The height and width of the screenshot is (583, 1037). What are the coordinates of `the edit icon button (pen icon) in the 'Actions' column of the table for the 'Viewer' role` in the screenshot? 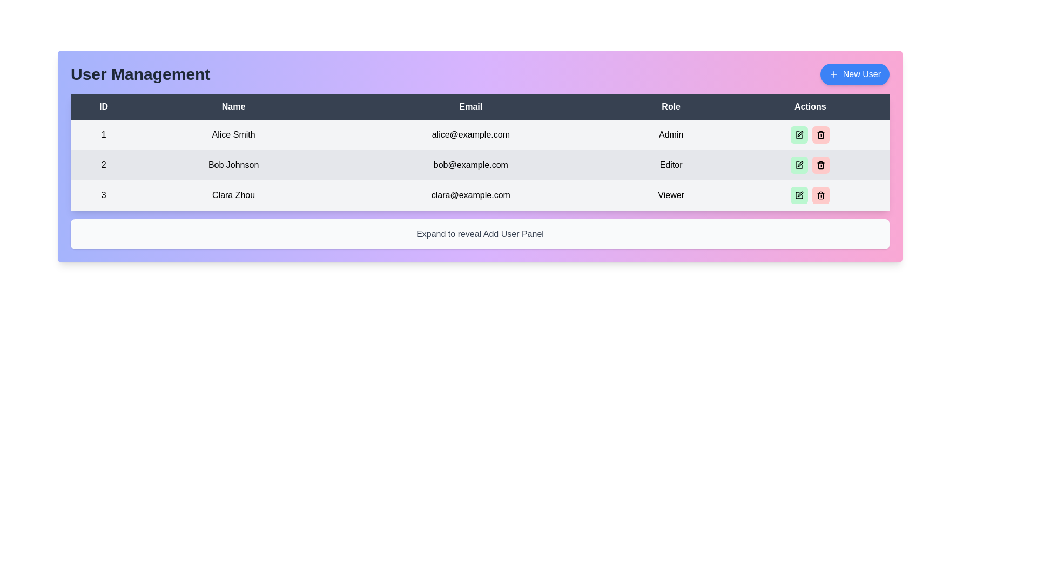 It's located at (800, 193).